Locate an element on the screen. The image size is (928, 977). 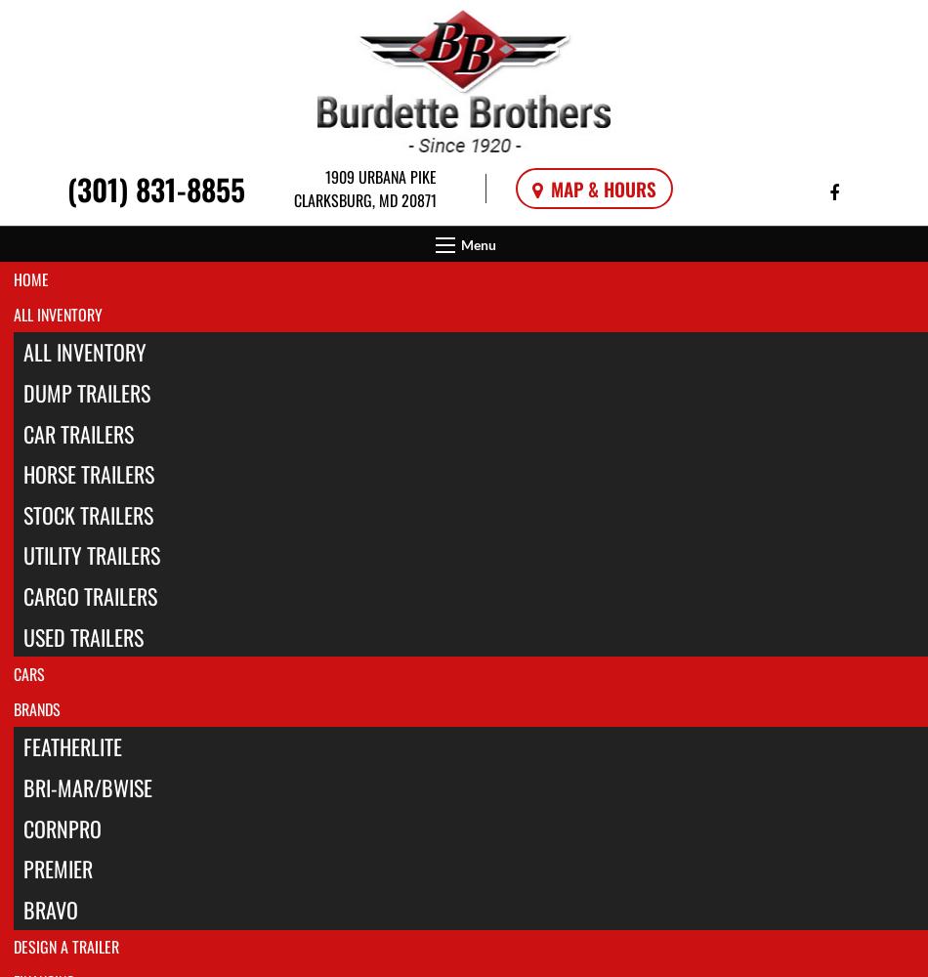
'Bravo' is located at coordinates (50, 909).